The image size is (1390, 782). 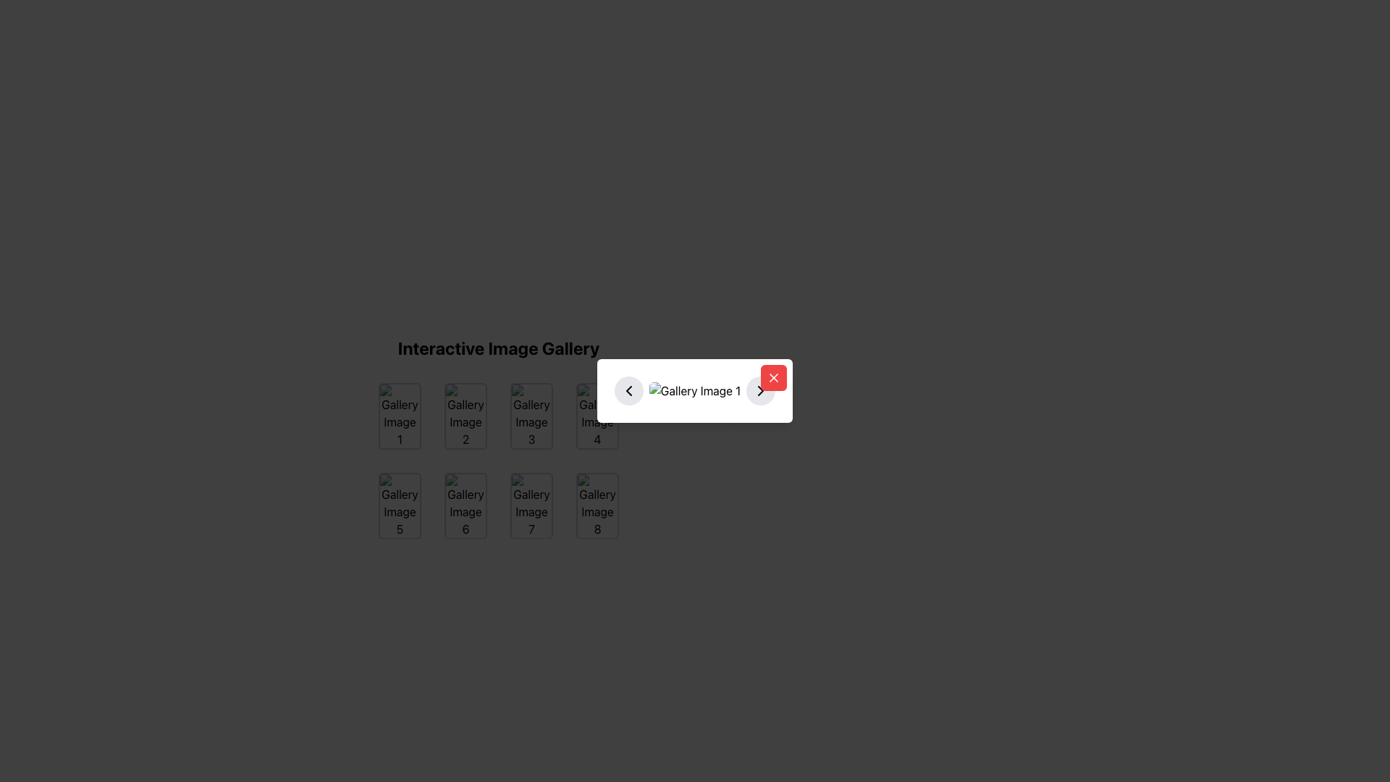 What do you see at coordinates (400, 416) in the screenshot?
I see `the image placeholder labeled 'Gallery Image 1'` at bounding box center [400, 416].